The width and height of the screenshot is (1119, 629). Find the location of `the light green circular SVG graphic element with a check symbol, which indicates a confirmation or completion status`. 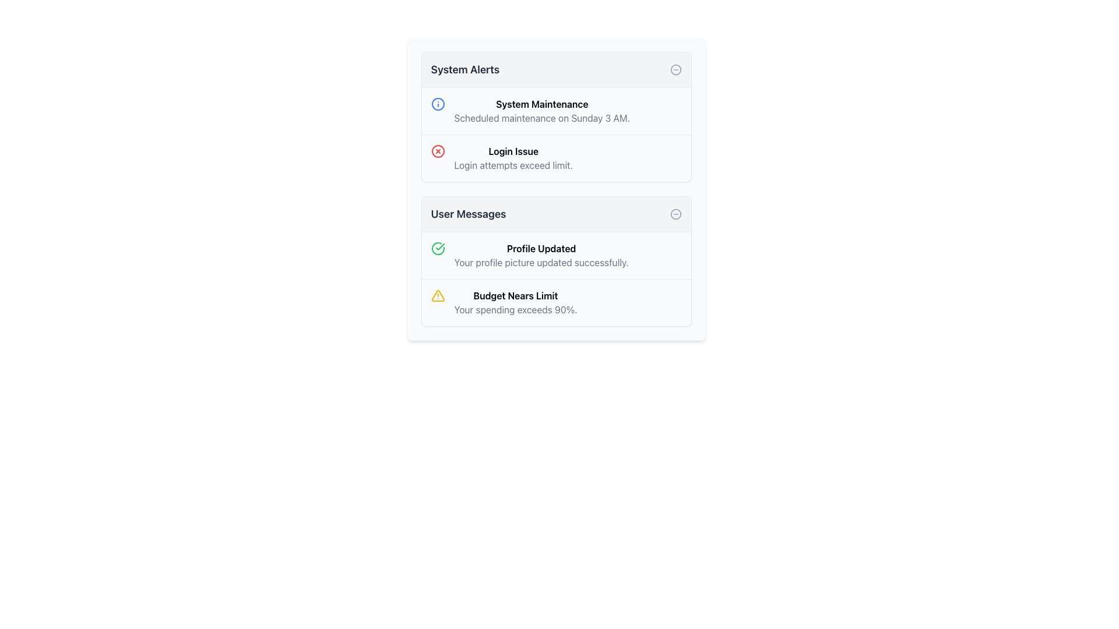

the light green circular SVG graphic element with a check symbol, which indicates a confirmation or completion status is located at coordinates (437, 248).